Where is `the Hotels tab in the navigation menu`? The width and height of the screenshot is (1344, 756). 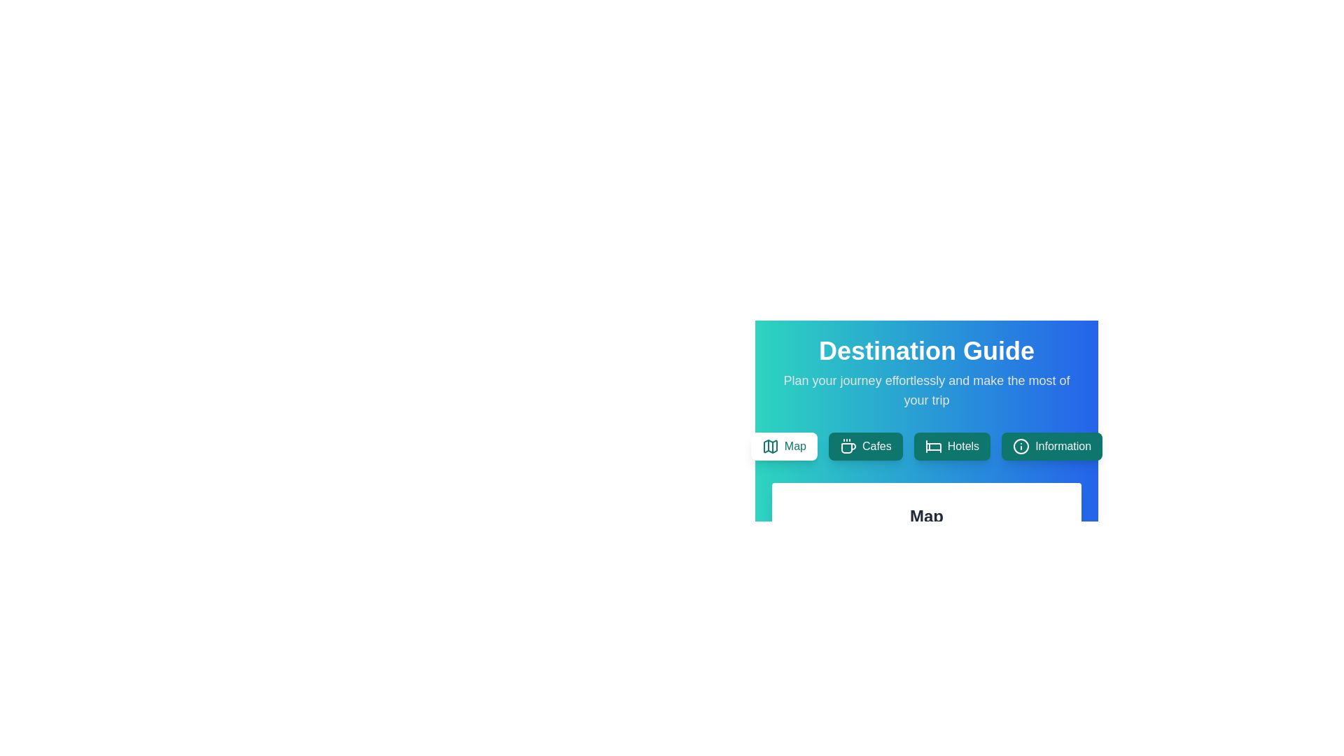
the Hotels tab in the navigation menu is located at coordinates (951, 446).